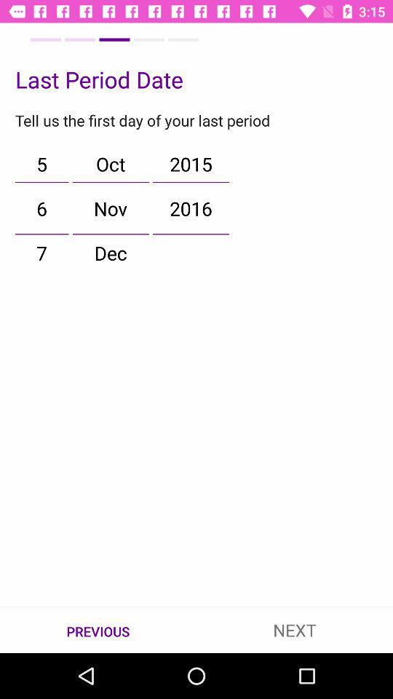  Describe the element at coordinates (98, 630) in the screenshot. I see `previous icon` at that location.